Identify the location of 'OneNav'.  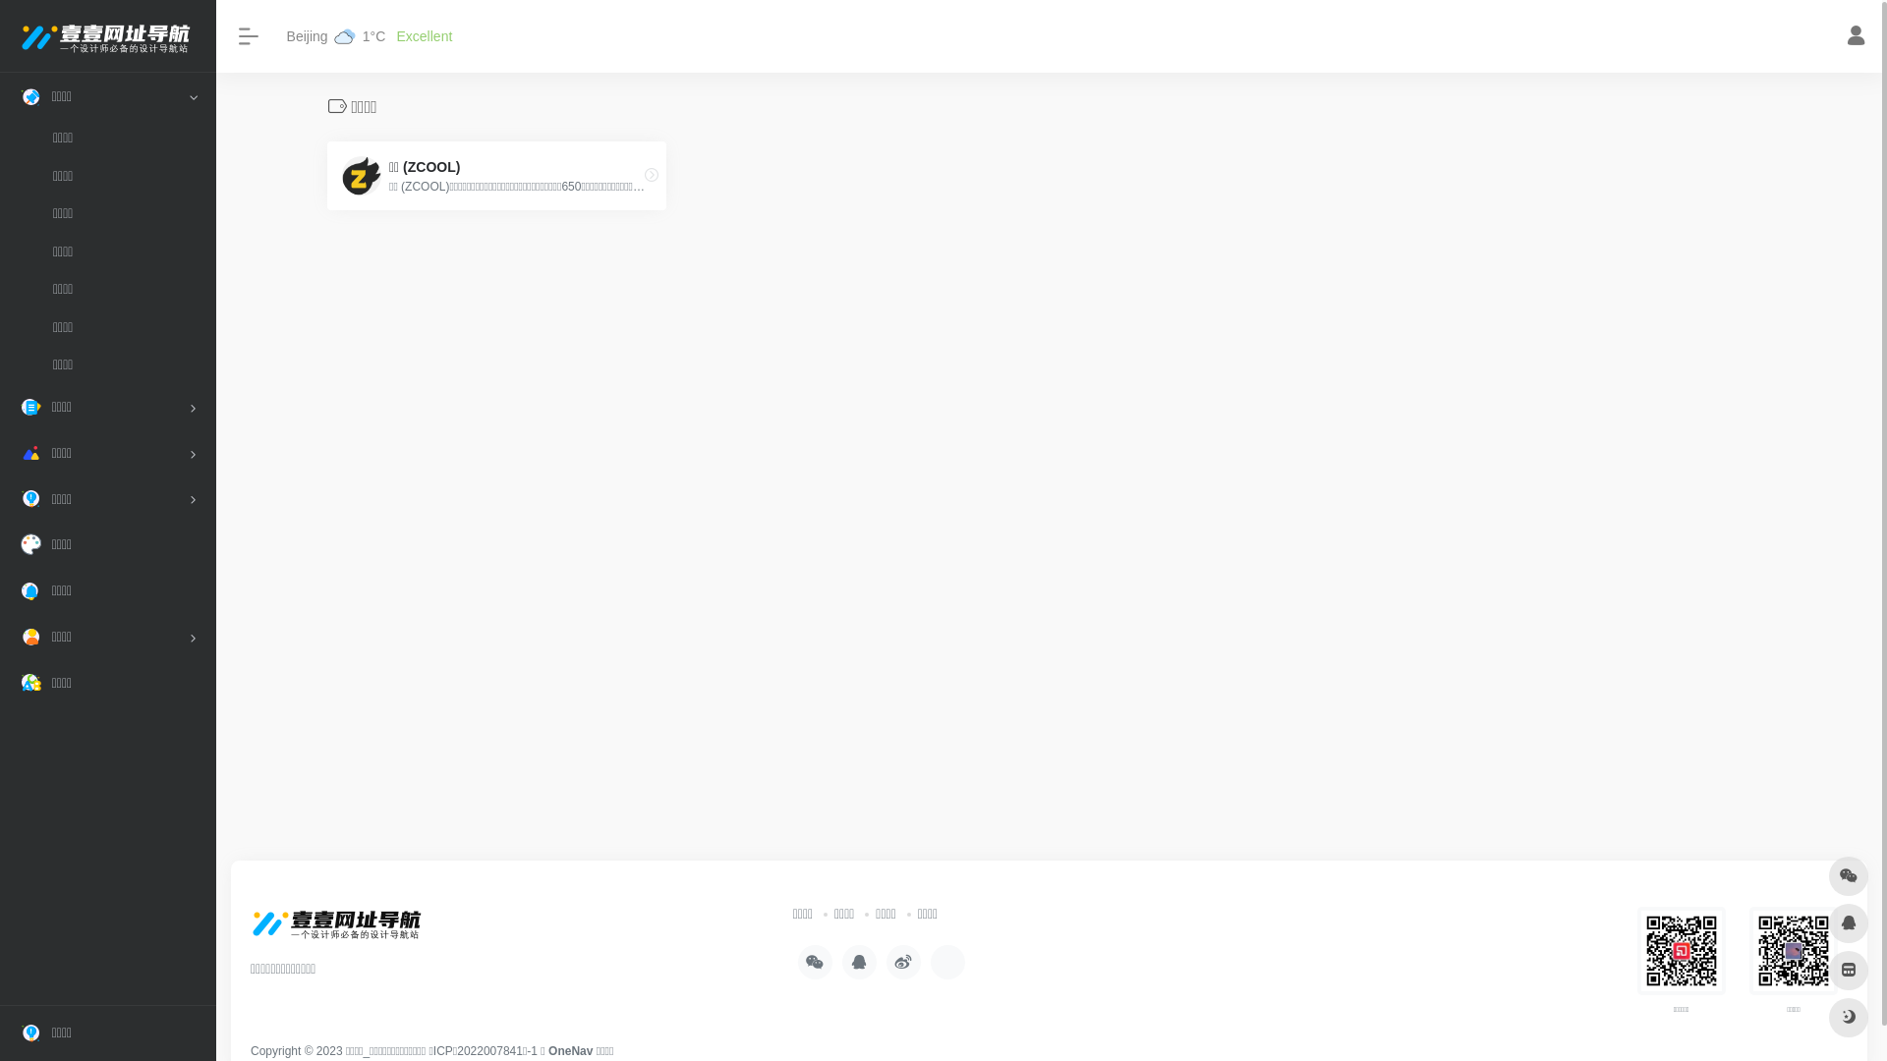
(569, 1049).